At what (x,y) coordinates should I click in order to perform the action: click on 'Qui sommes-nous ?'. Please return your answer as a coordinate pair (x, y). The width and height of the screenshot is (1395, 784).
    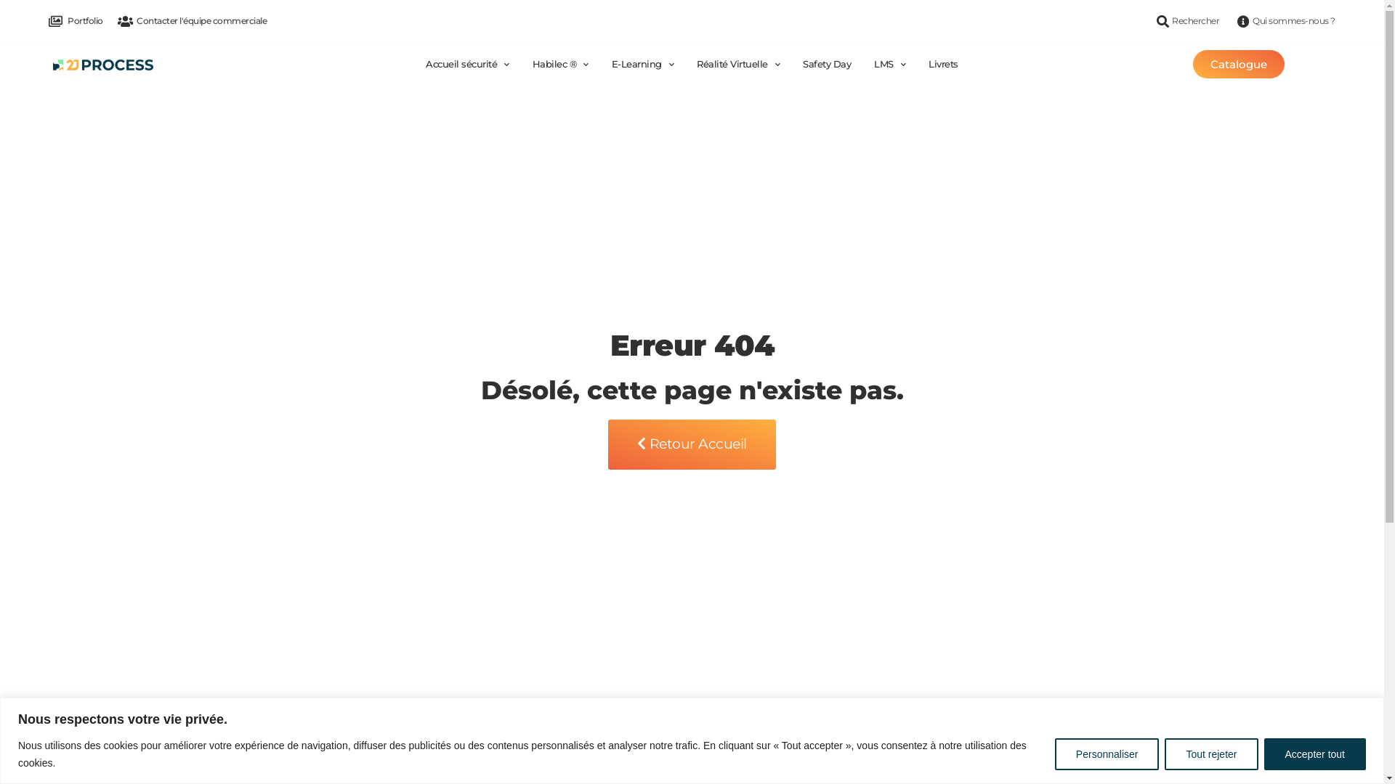
    Looking at the image, I should click on (1284, 21).